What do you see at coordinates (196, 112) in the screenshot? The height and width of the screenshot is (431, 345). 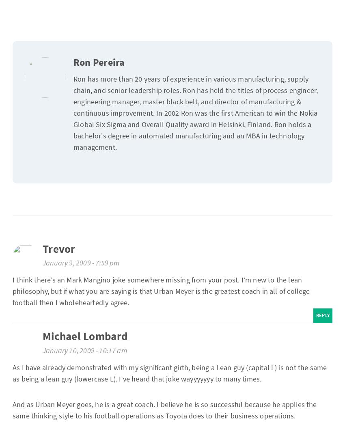 I see `'Ron has more than 20 years of experience in various manufacturing, supply chain, and senior leadership roles. Ron has held the titles of process engineer, engineering manager, master black belt, and director of manufacturing & continuous improvement. In 2002 Ron was the first American to win the Nokia Global Six Sigma and Overall Quality award in Helsinki, Finland. Ron holds a bachelor's degree in automated manufacturing and an MBA in technology management.'` at bounding box center [196, 112].